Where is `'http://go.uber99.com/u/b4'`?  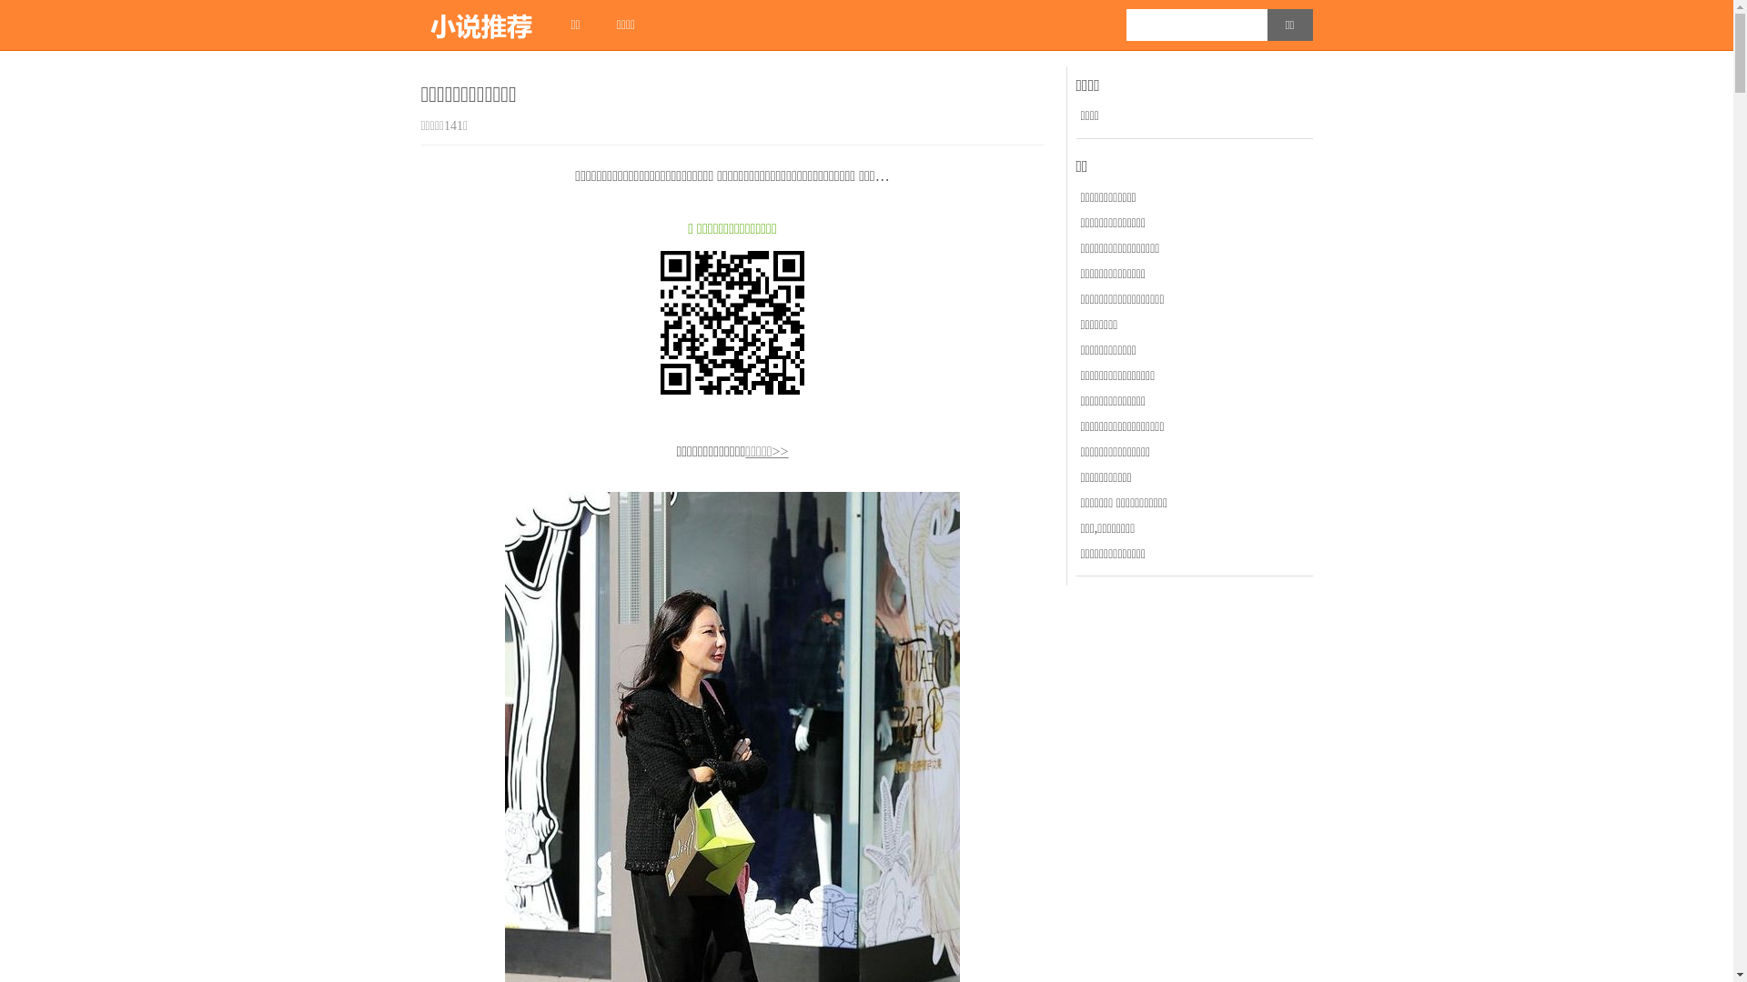 'http://go.uber99.com/u/b4' is located at coordinates (732, 321).